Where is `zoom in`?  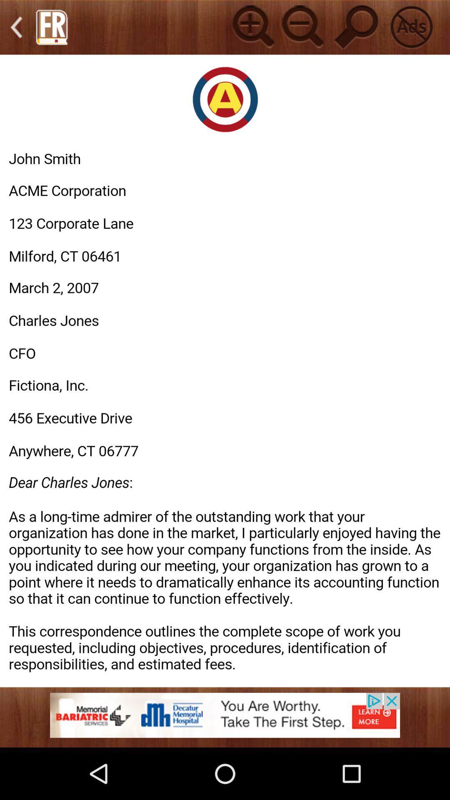
zoom in is located at coordinates (252, 27).